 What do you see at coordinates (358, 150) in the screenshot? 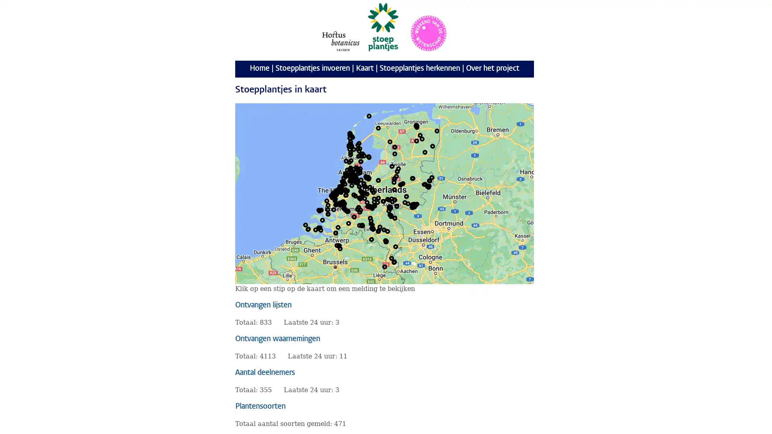
I see `Telling van U op 03 november 2021` at bounding box center [358, 150].